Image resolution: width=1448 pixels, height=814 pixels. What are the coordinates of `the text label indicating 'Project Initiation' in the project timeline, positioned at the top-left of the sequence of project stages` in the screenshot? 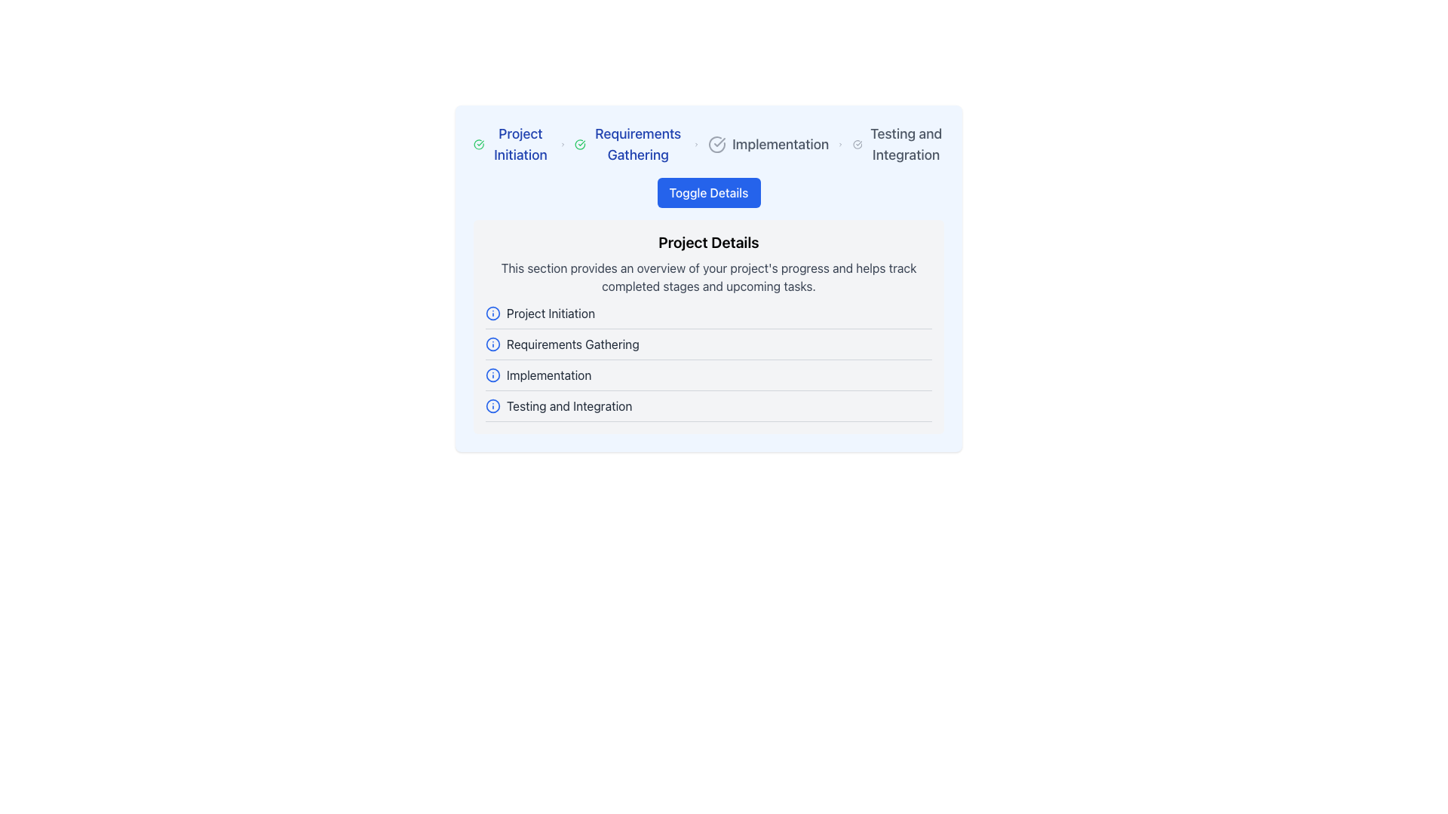 It's located at (520, 145).